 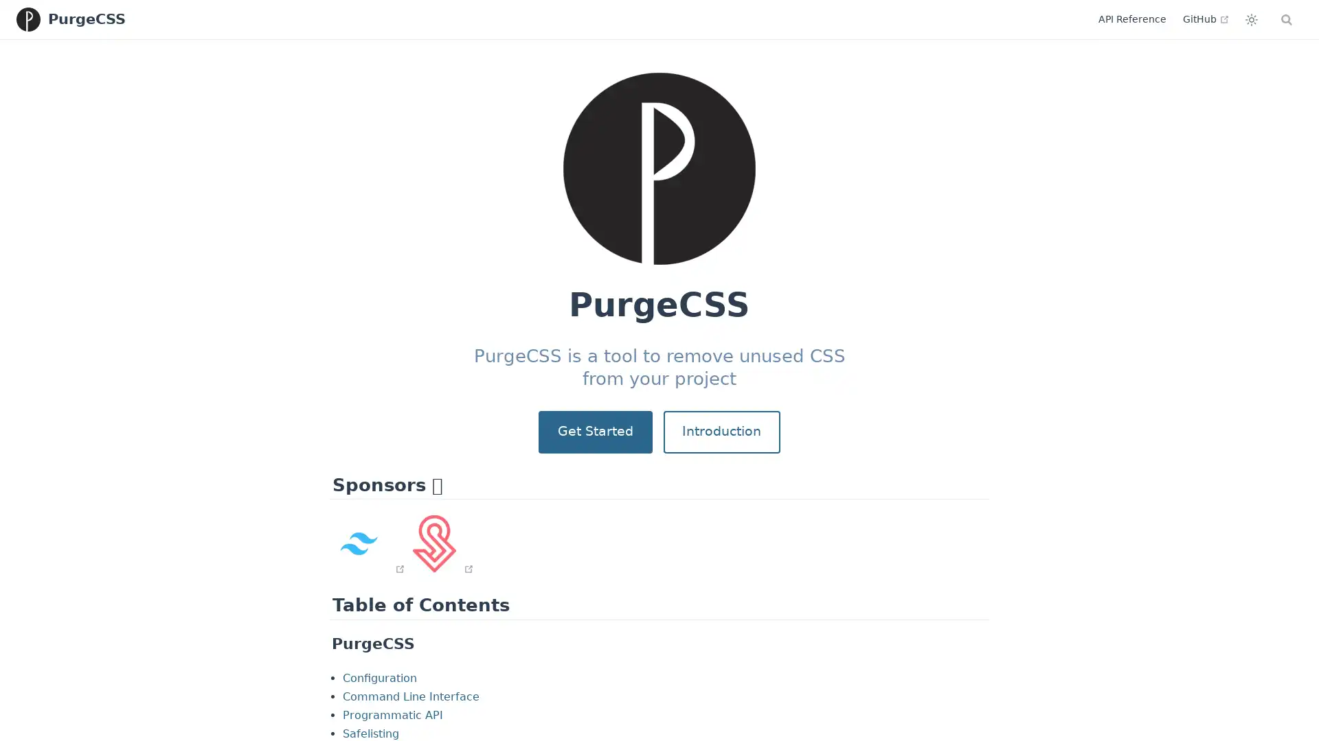 What do you see at coordinates (1192, 19) in the screenshot?
I see `toggle dark mode` at bounding box center [1192, 19].